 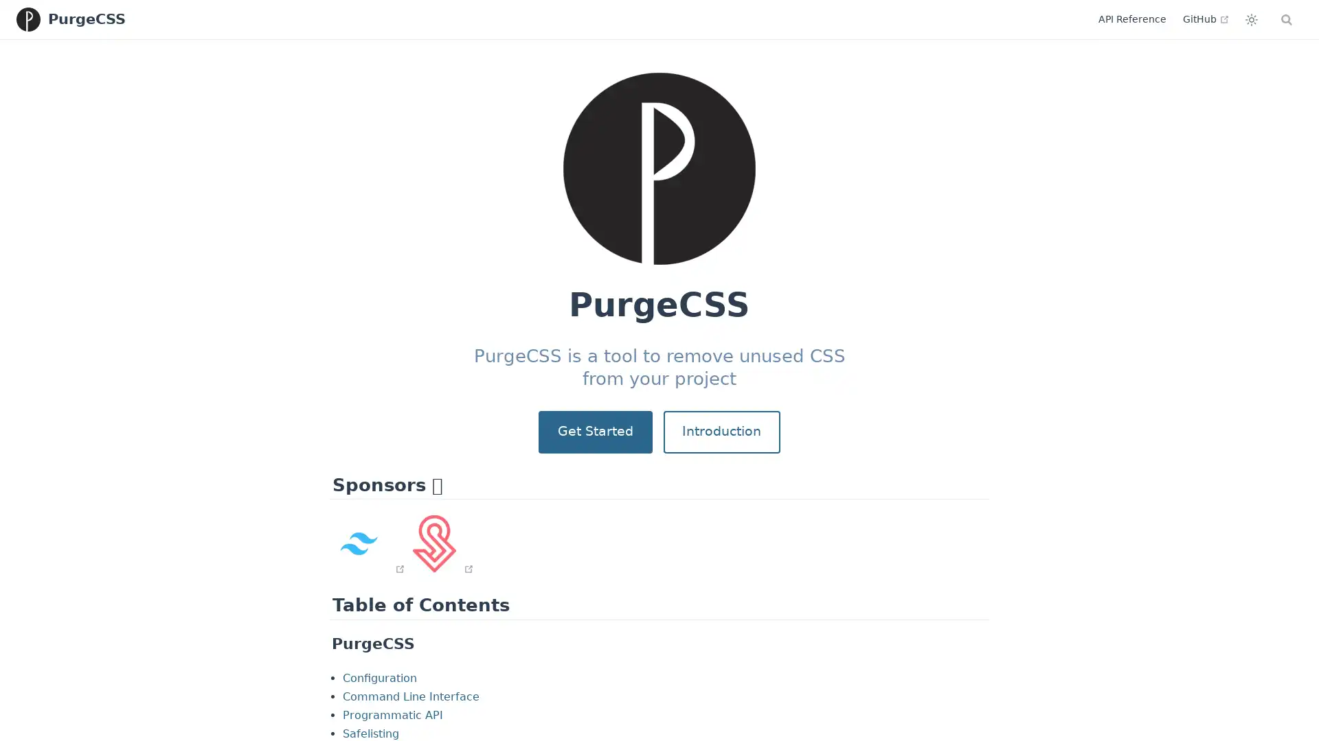 What do you see at coordinates (1192, 19) in the screenshot?
I see `toggle dark mode` at bounding box center [1192, 19].